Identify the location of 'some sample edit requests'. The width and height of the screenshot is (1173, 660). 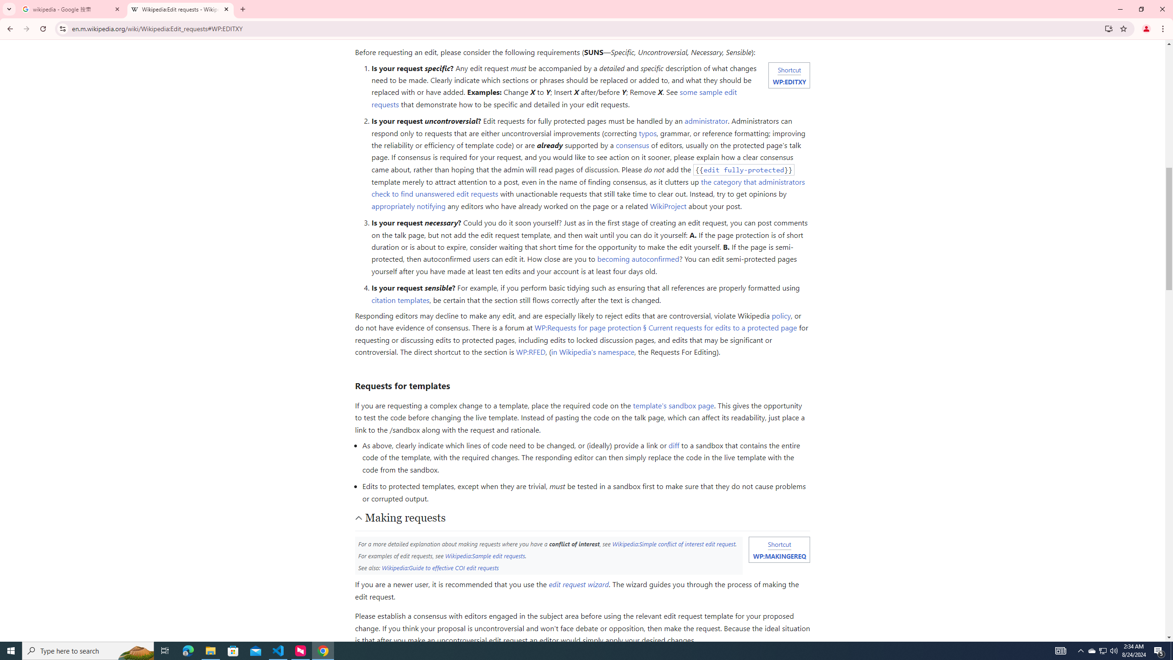
(554, 97).